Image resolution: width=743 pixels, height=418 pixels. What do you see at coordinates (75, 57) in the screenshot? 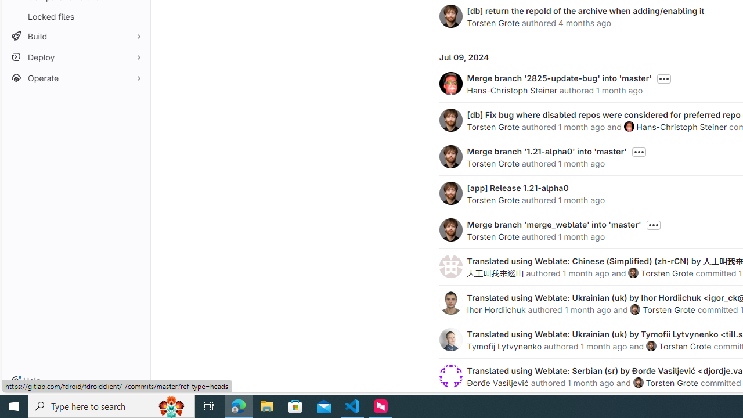
I see `'Deploy'` at bounding box center [75, 57].